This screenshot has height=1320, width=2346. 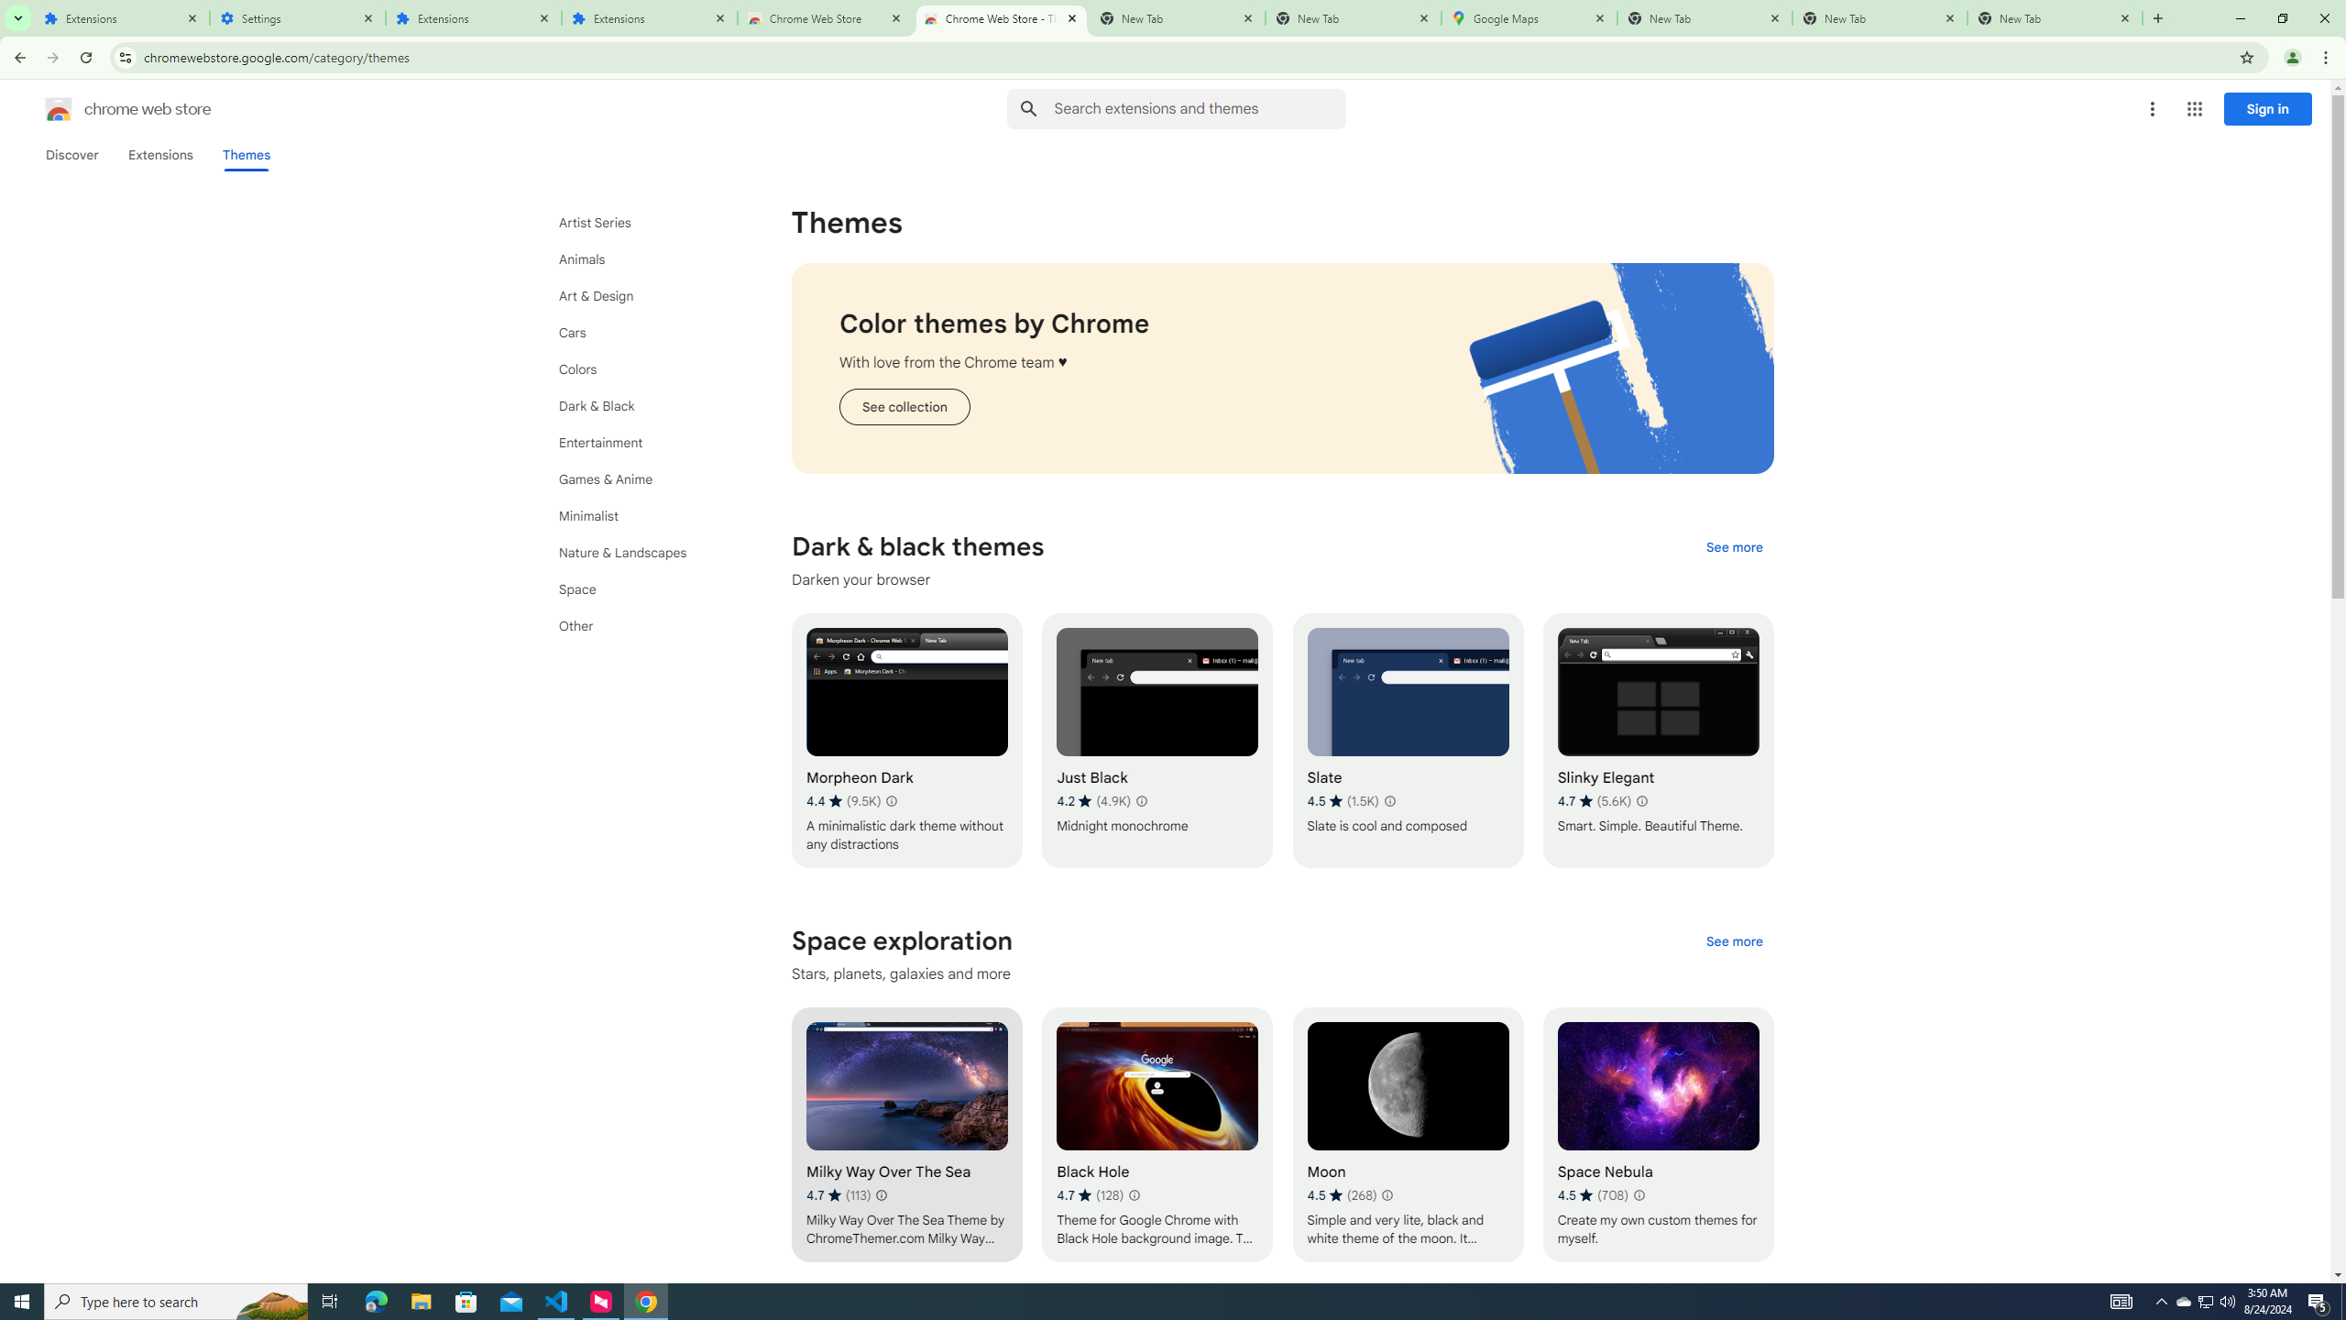 What do you see at coordinates (642, 588) in the screenshot?
I see `'Space'` at bounding box center [642, 588].